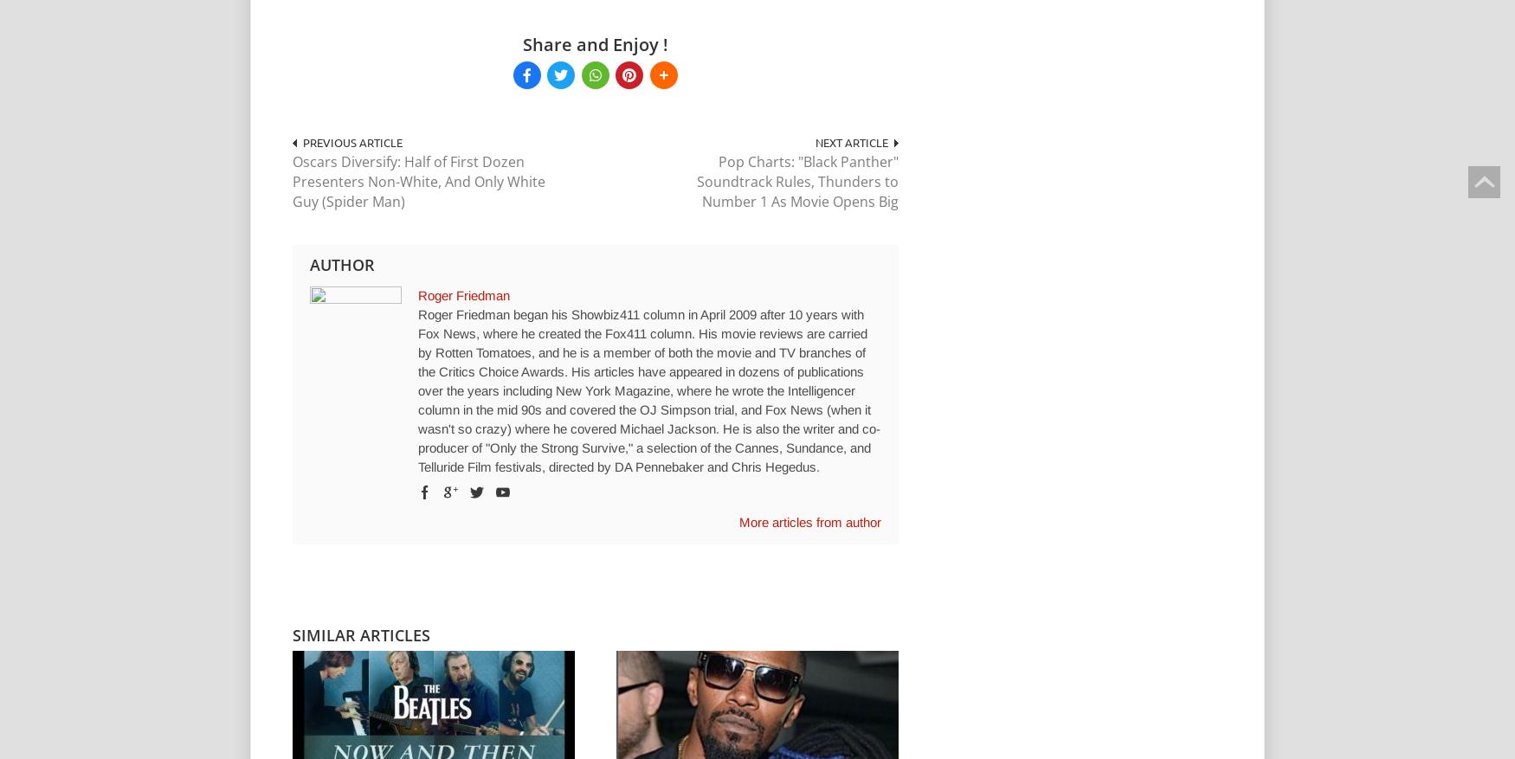 The height and width of the screenshot is (759, 1515). I want to click on 'Share and Enjoy !', so click(522, 43).